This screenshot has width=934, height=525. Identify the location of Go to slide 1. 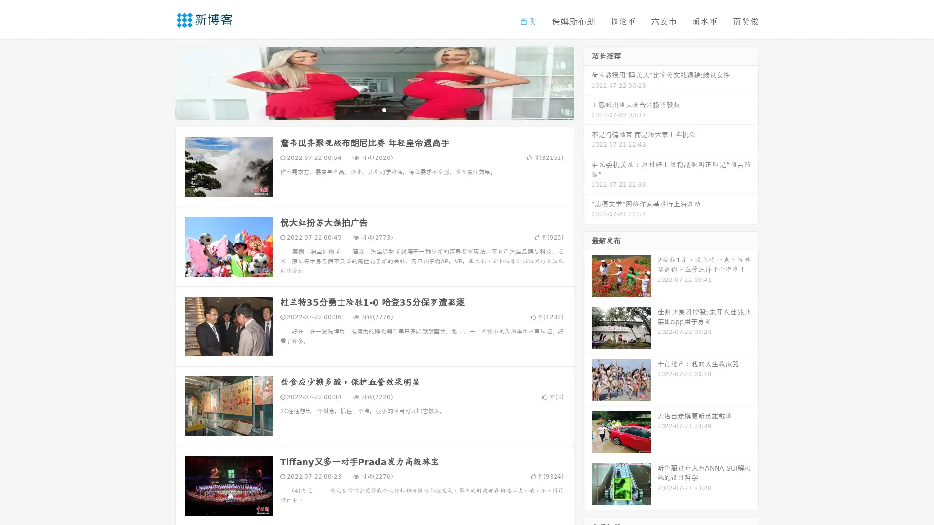
(364, 109).